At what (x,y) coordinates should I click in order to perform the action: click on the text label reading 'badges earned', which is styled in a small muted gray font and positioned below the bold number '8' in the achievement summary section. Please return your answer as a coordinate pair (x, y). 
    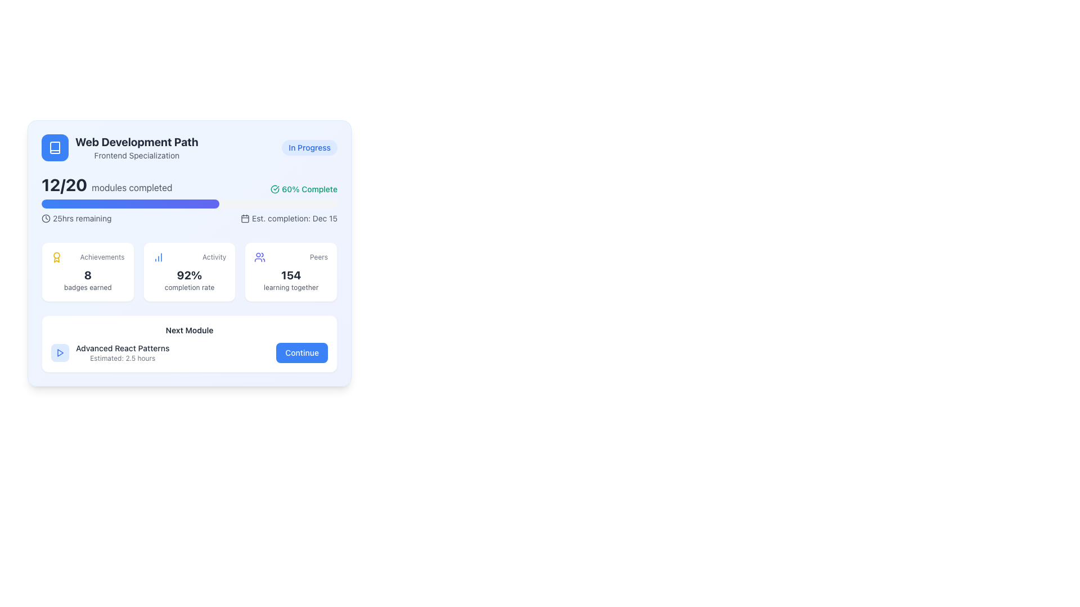
    Looking at the image, I should click on (87, 287).